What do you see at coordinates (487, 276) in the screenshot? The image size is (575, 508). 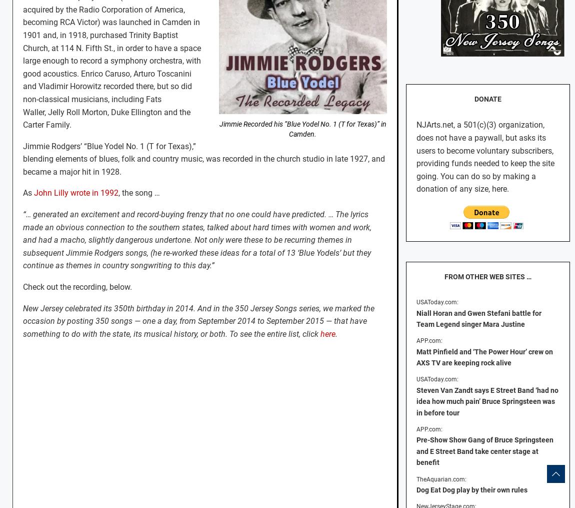 I see `'From Other Web Sites …'` at bounding box center [487, 276].